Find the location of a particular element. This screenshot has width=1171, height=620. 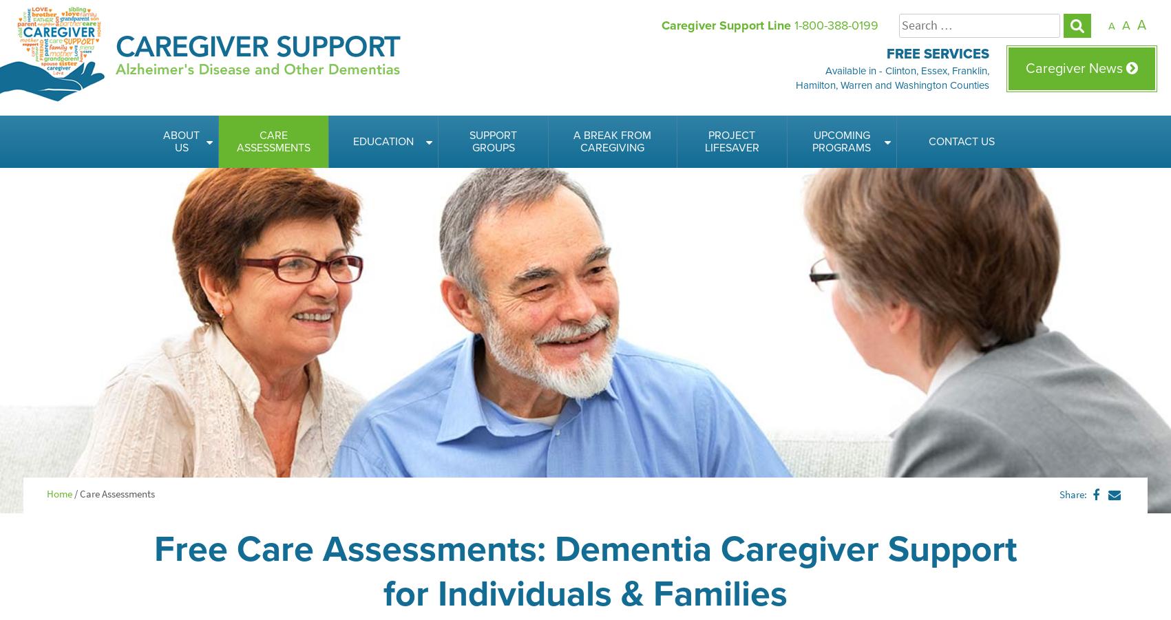

'Contact Us' is located at coordinates (960, 140).